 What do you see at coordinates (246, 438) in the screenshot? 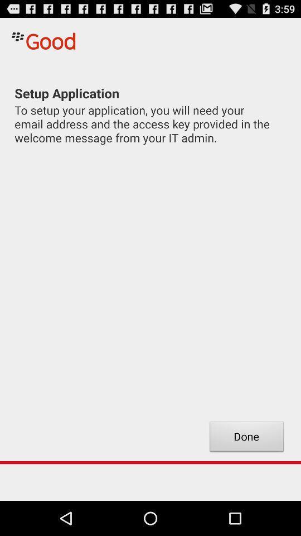
I see `item at the bottom right corner` at bounding box center [246, 438].